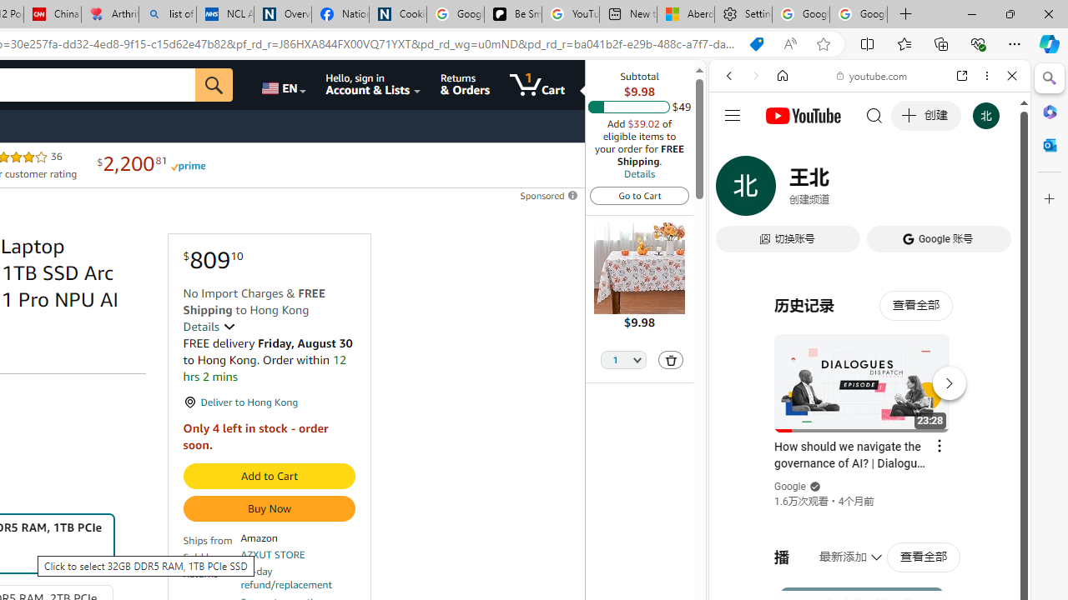 The height and width of the screenshot is (600, 1068). What do you see at coordinates (686, 14) in the screenshot?
I see `'Aberdeen, Hong Kong SAR hourly forecast | Microsoft Weather'` at bounding box center [686, 14].